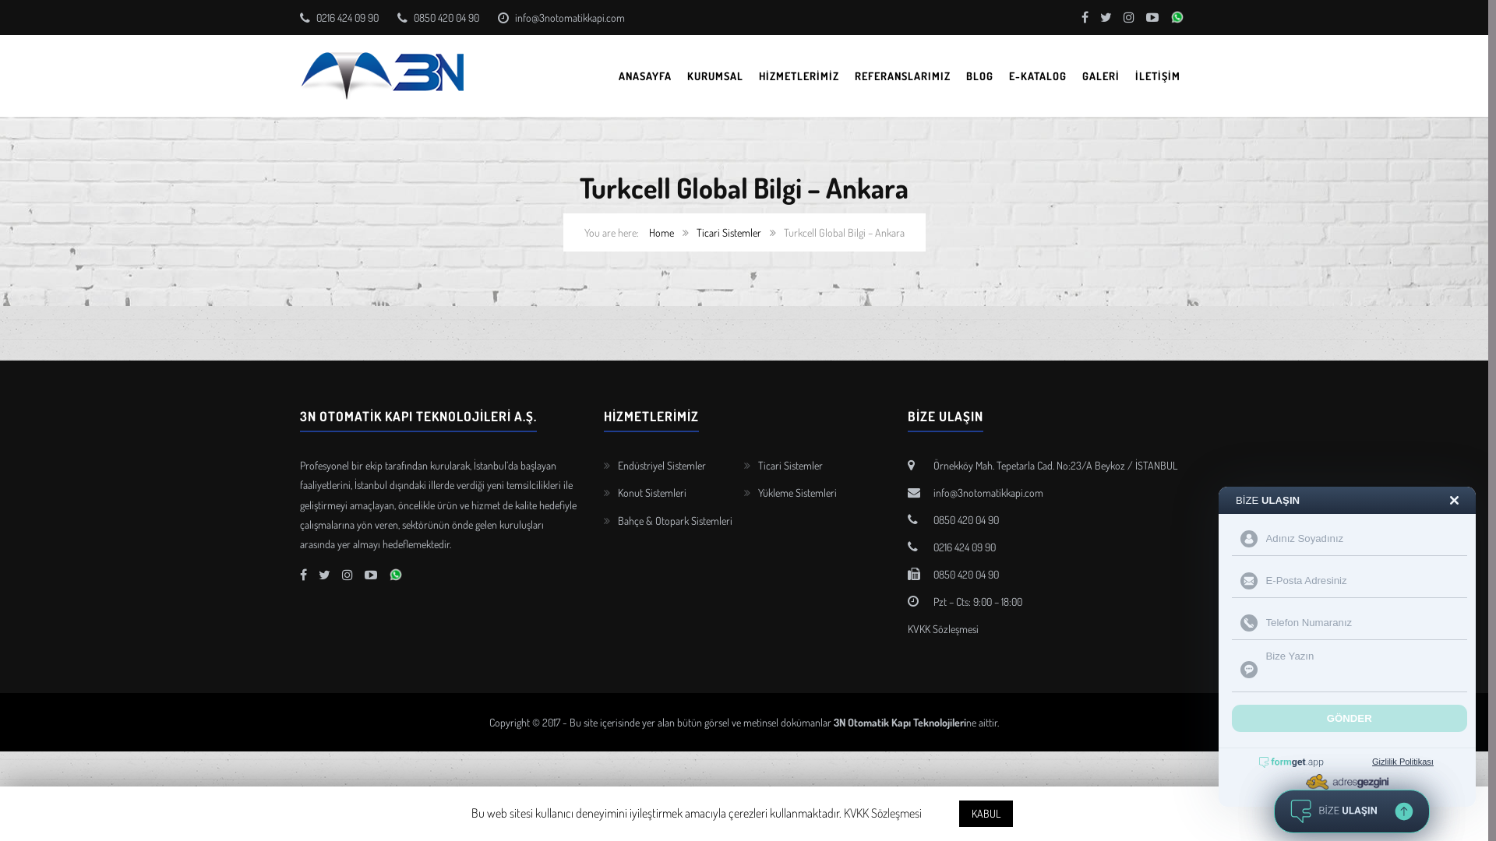 Image resolution: width=1496 pixels, height=841 pixels. I want to click on 'KABUL', so click(985, 813).